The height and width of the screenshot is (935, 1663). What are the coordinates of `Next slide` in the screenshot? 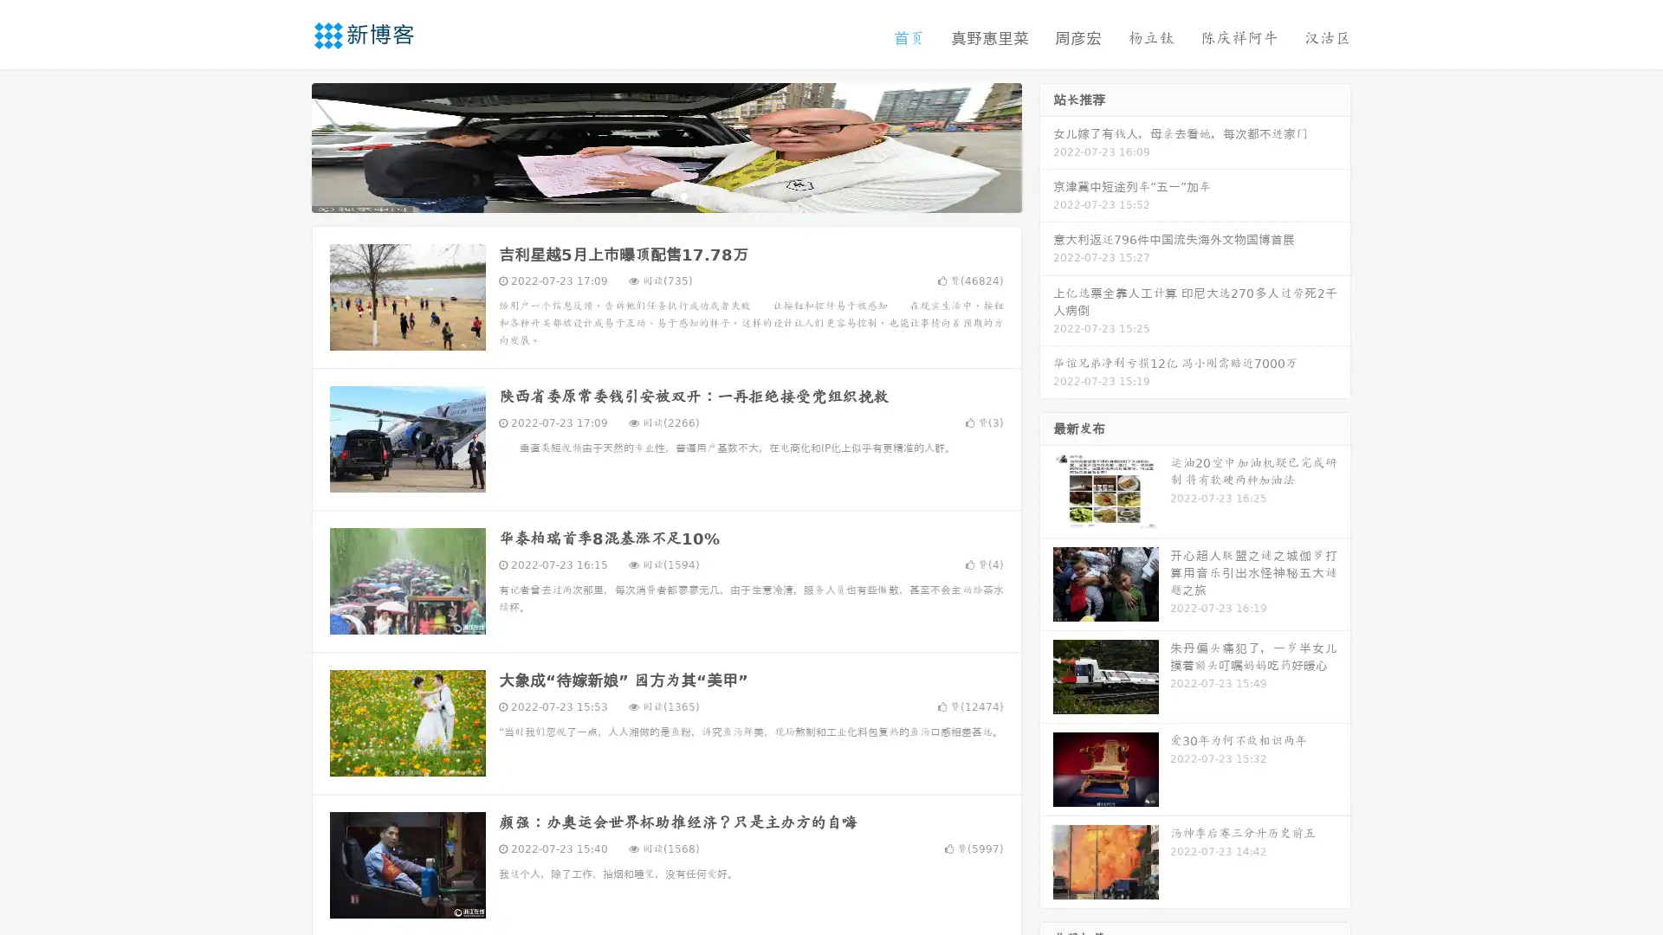 It's located at (1046, 145).